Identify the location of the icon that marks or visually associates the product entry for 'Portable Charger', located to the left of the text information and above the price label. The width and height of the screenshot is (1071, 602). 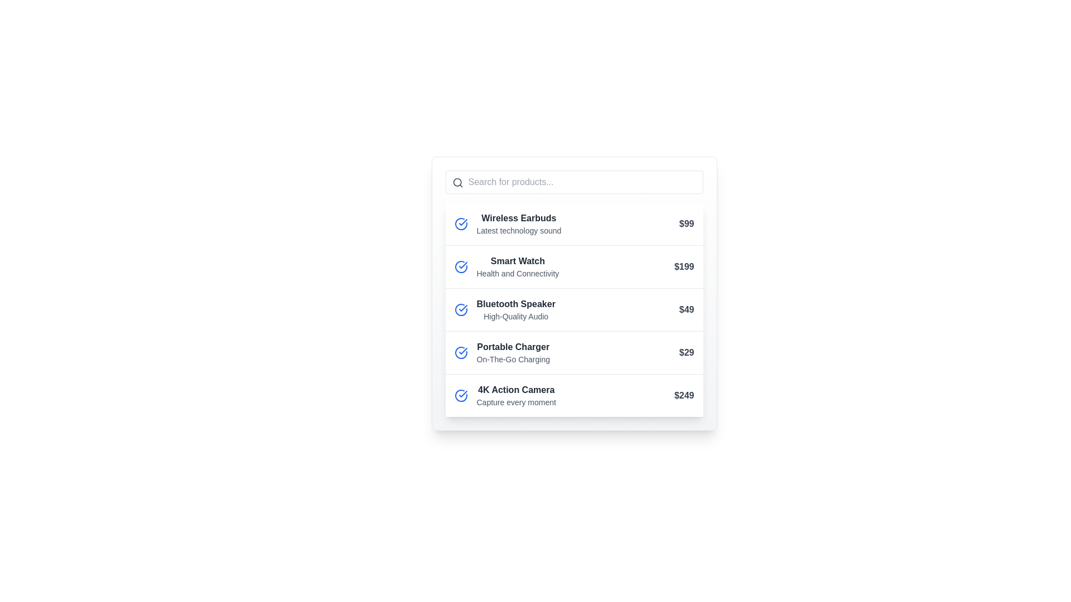
(461, 352).